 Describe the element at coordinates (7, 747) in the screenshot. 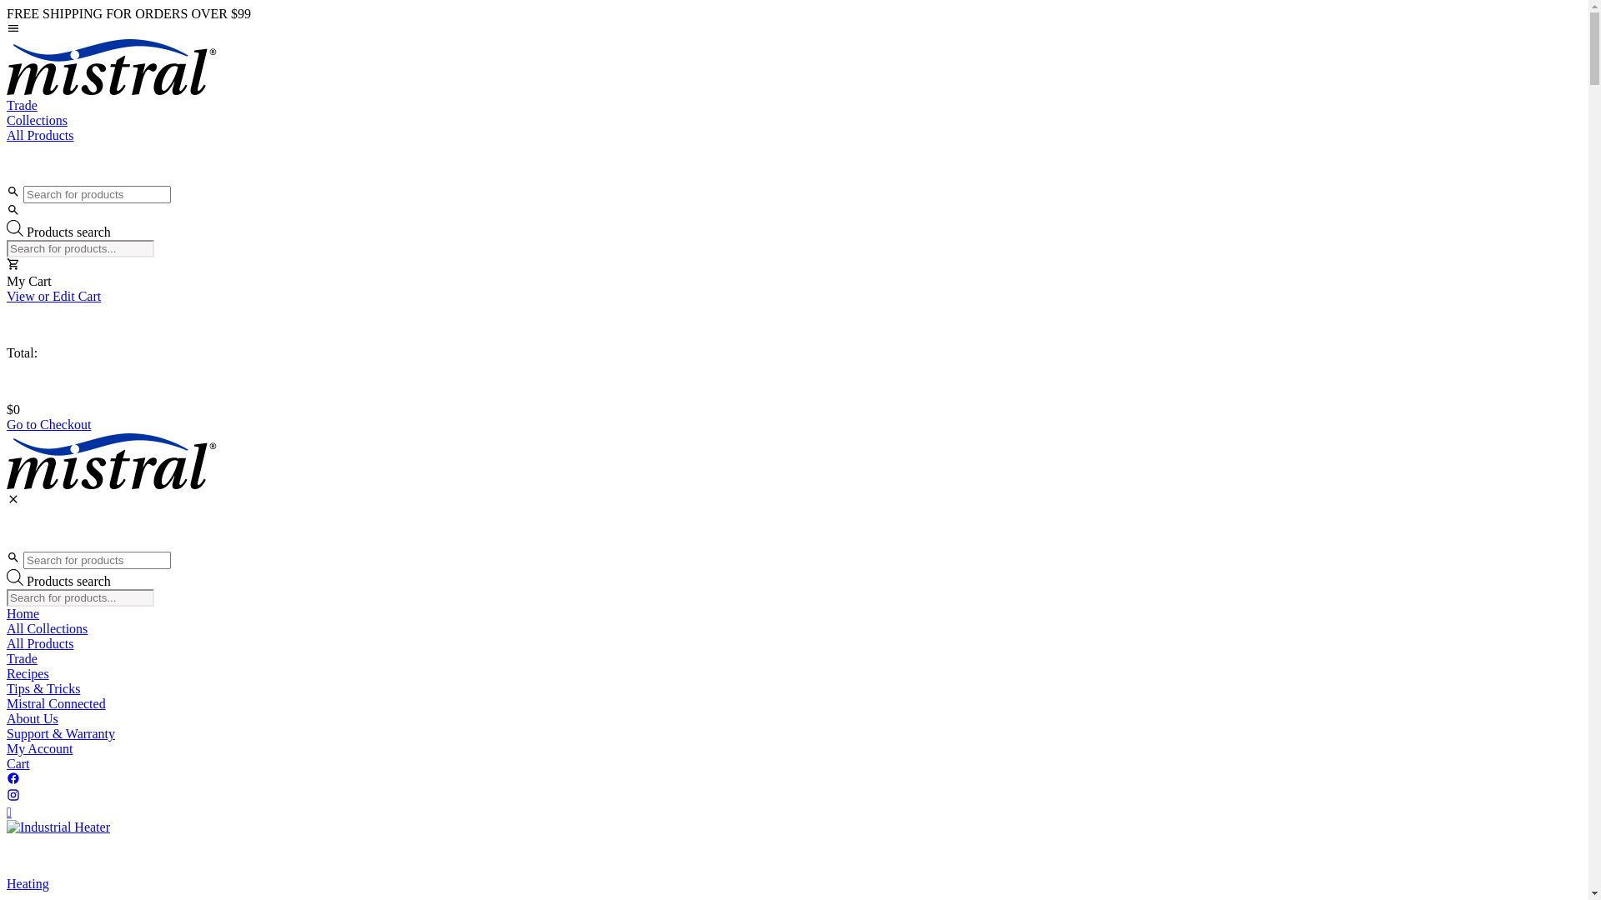

I see `'My Account'` at that location.